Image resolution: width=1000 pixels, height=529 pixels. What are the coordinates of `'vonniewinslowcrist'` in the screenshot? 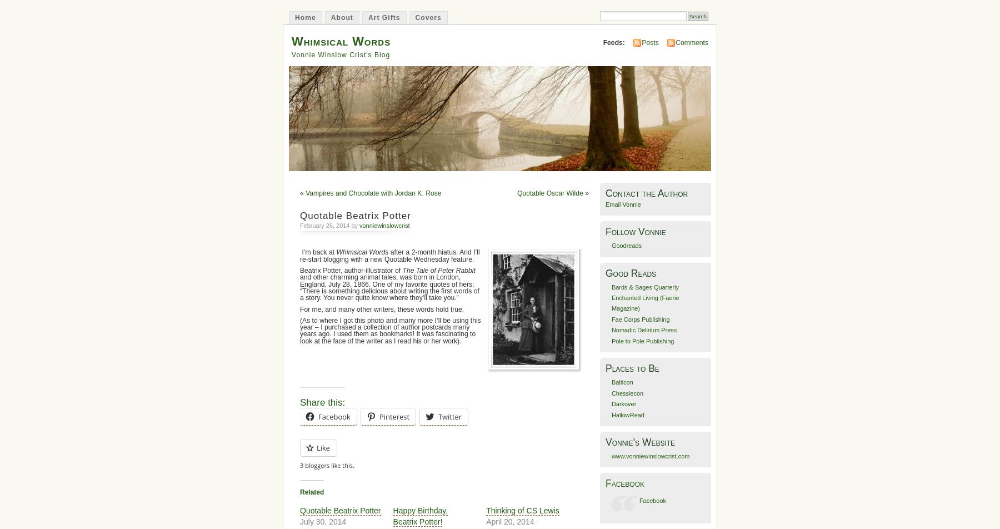 It's located at (383, 226).